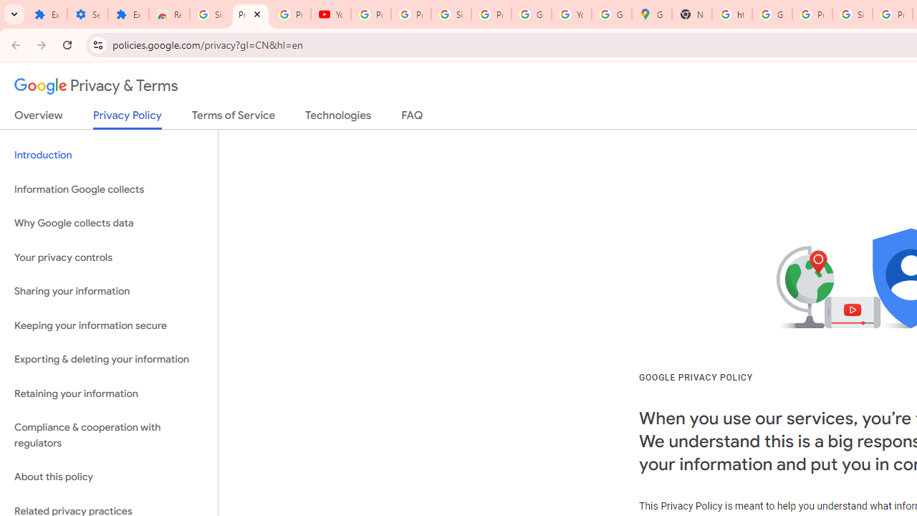 This screenshot has width=917, height=516. I want to click on 'Retaining your information', so click(108, 393).